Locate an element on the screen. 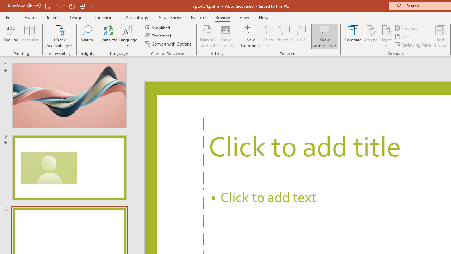 The image size is (451, 254). 'Mark All as Read' is located at coordinates (208, 36).